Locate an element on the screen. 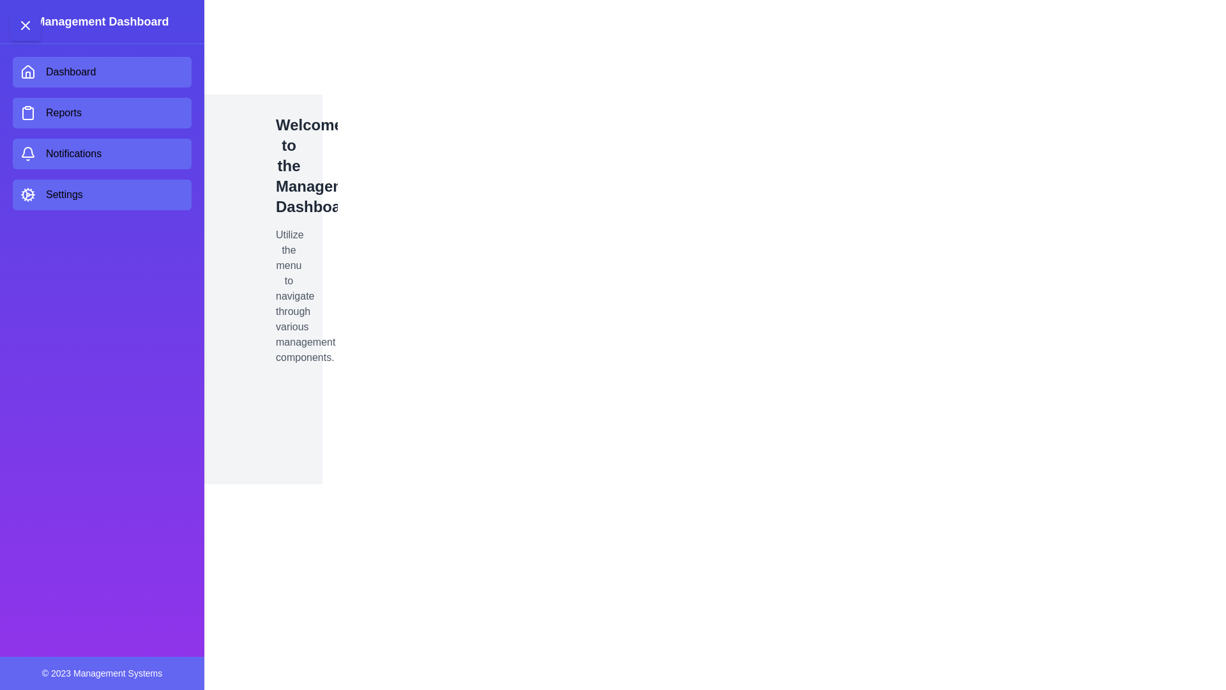 The height and width of the screenshot is (690, 1226). the house icon in the vertical navigation menu is located at coordinates (27, 71).